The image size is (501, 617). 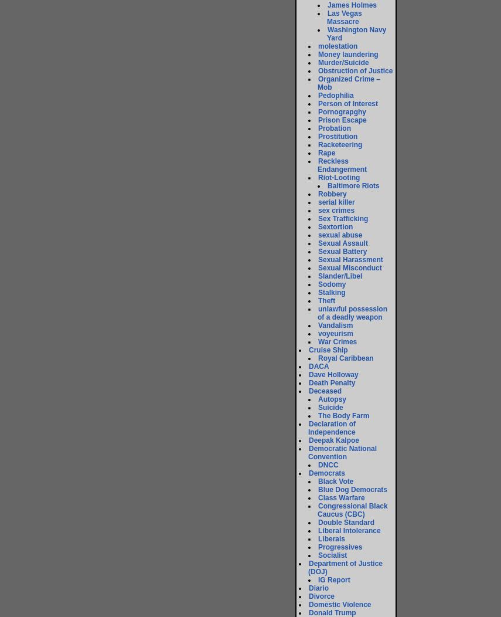 What do you see at coordinates (318, 300) in the screenshot?
I see `'Theft'` at bounding box center [318, 300].